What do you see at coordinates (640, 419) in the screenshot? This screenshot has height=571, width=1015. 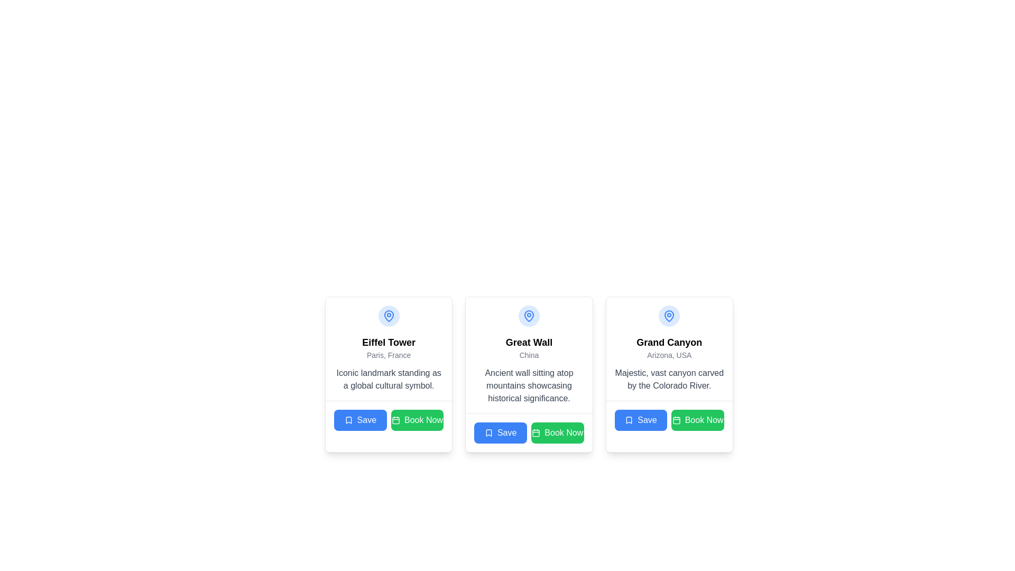 I see `the 'Save' button with icon located at the bottom right of the card associated with 'Grand Canyon'` at bounding box center [640, 419].